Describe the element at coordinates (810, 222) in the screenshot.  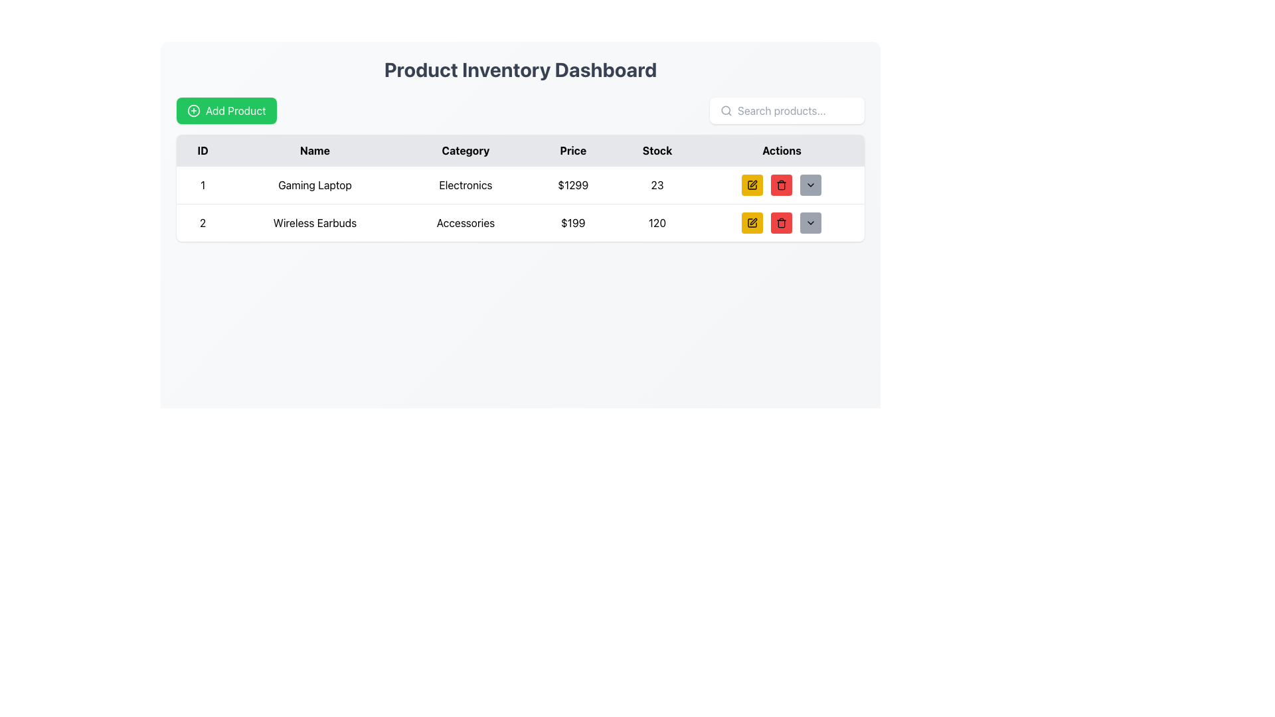
I see `the square button with a gray background and a chevron-down icon located in the 'Actions' column of the second table row` at that location.